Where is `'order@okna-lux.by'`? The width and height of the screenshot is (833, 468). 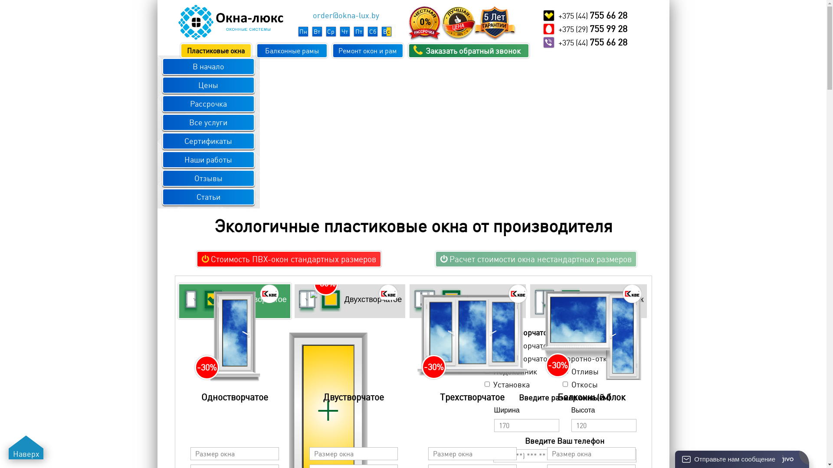
'order@okna-lux.by' is located at coordinates (345, 15).